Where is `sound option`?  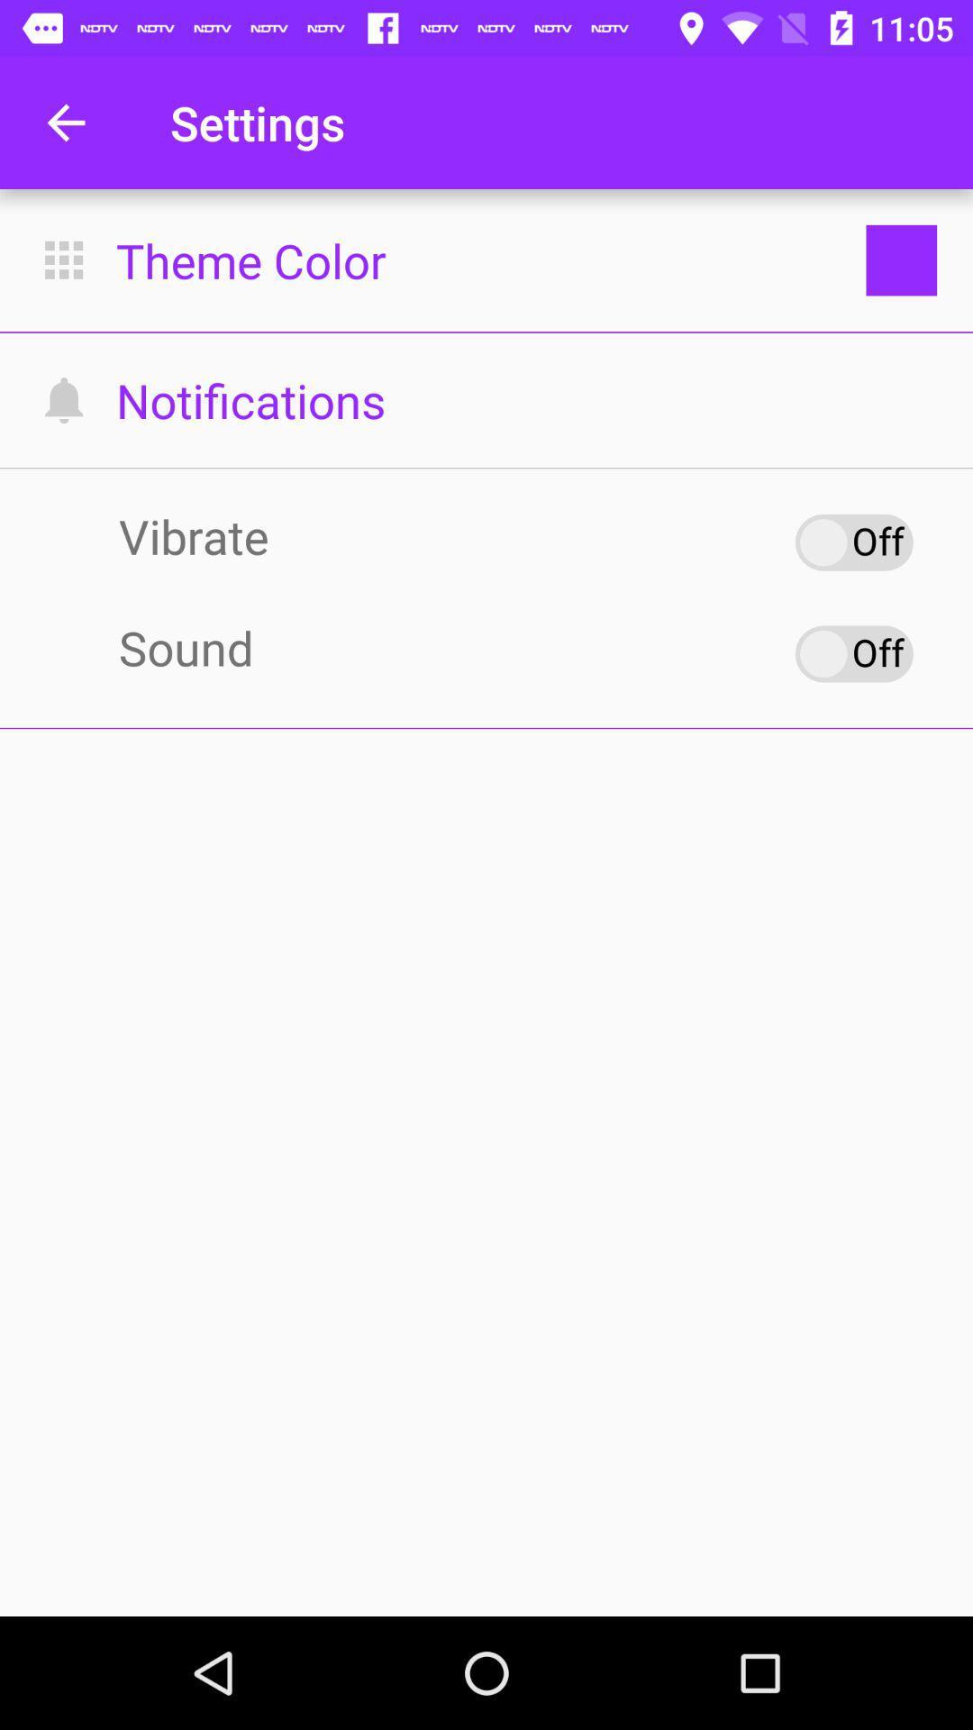
sound option is located at coordinates (853, 652).